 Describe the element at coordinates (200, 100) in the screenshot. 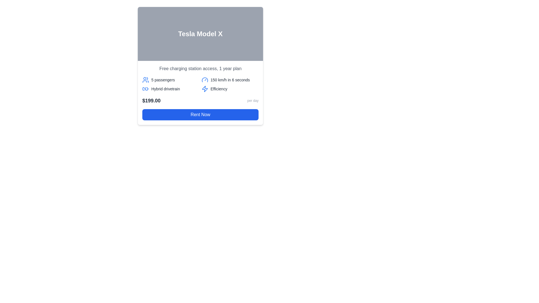

I see `the pricing information display element, which presents the daily rental cost of the vehicle and is positioned above the 'Rent Now' button` at that location.